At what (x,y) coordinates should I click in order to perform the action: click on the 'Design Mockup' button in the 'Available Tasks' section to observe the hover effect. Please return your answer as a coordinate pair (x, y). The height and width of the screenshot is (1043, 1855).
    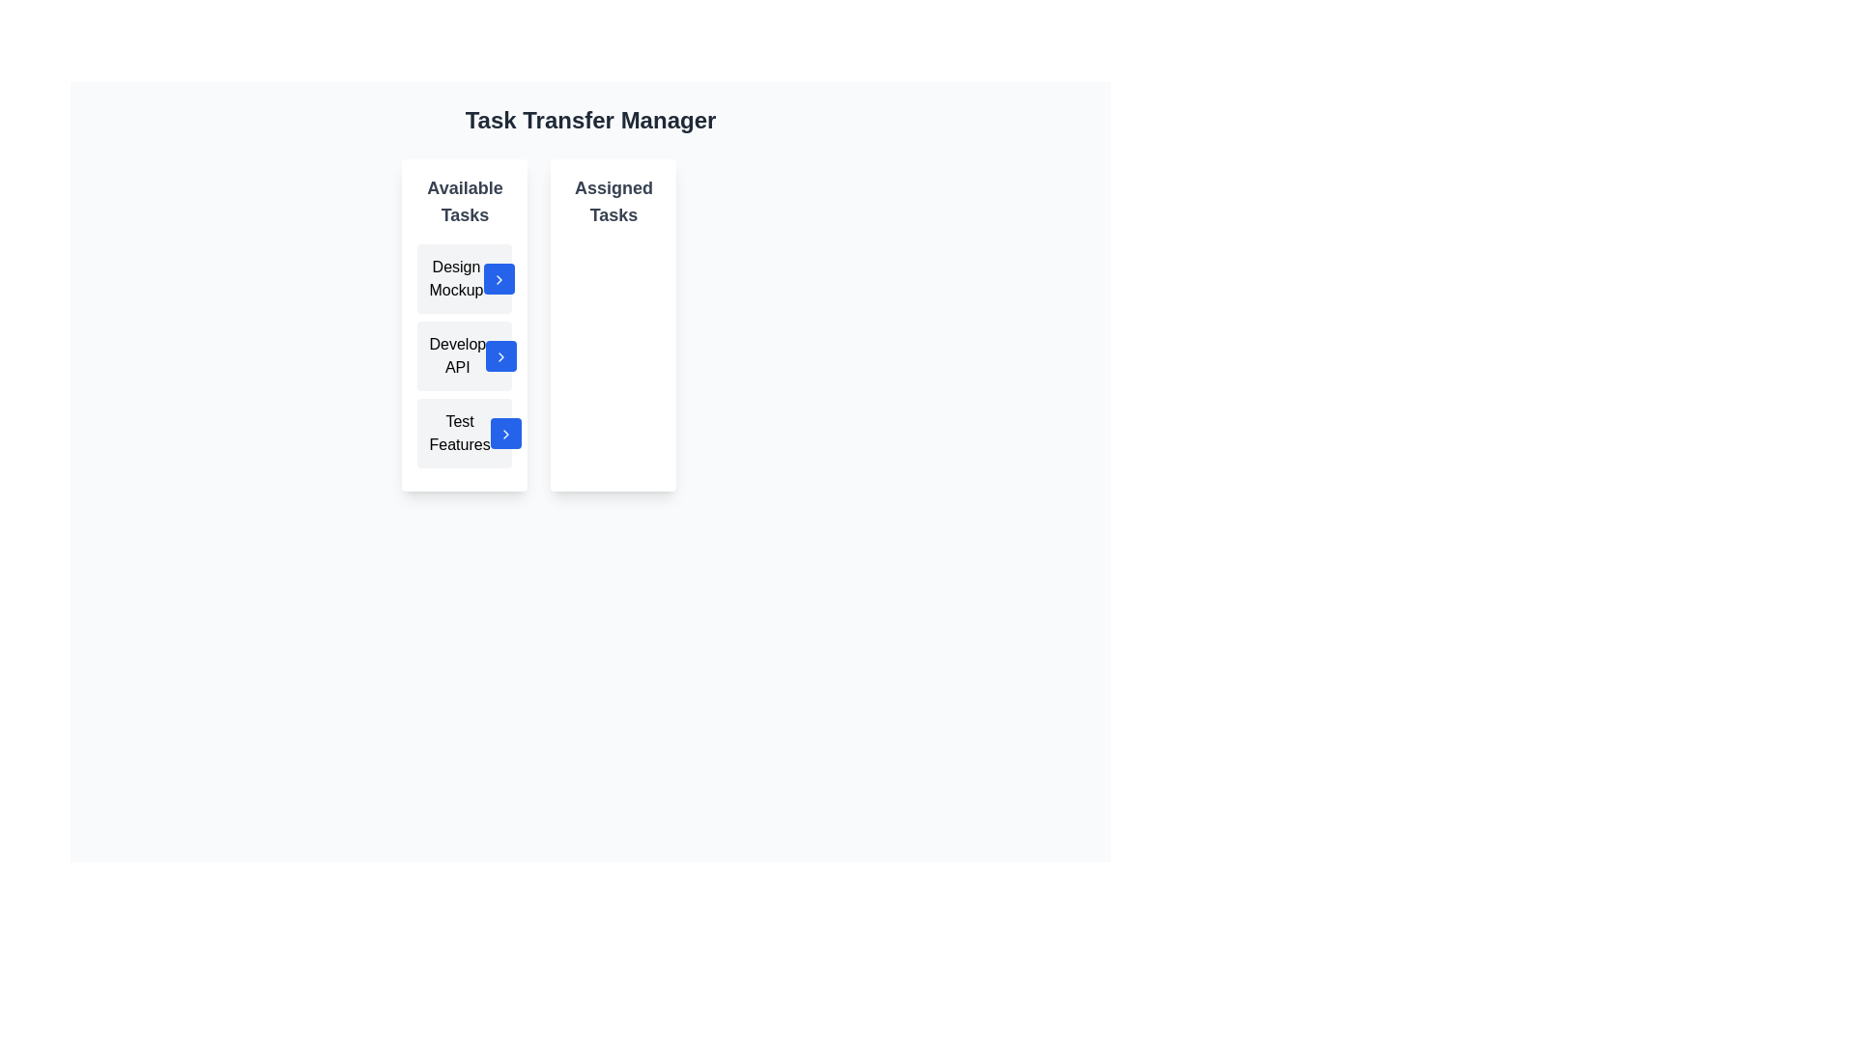
    Looking at the image, I should click on (465, 279).